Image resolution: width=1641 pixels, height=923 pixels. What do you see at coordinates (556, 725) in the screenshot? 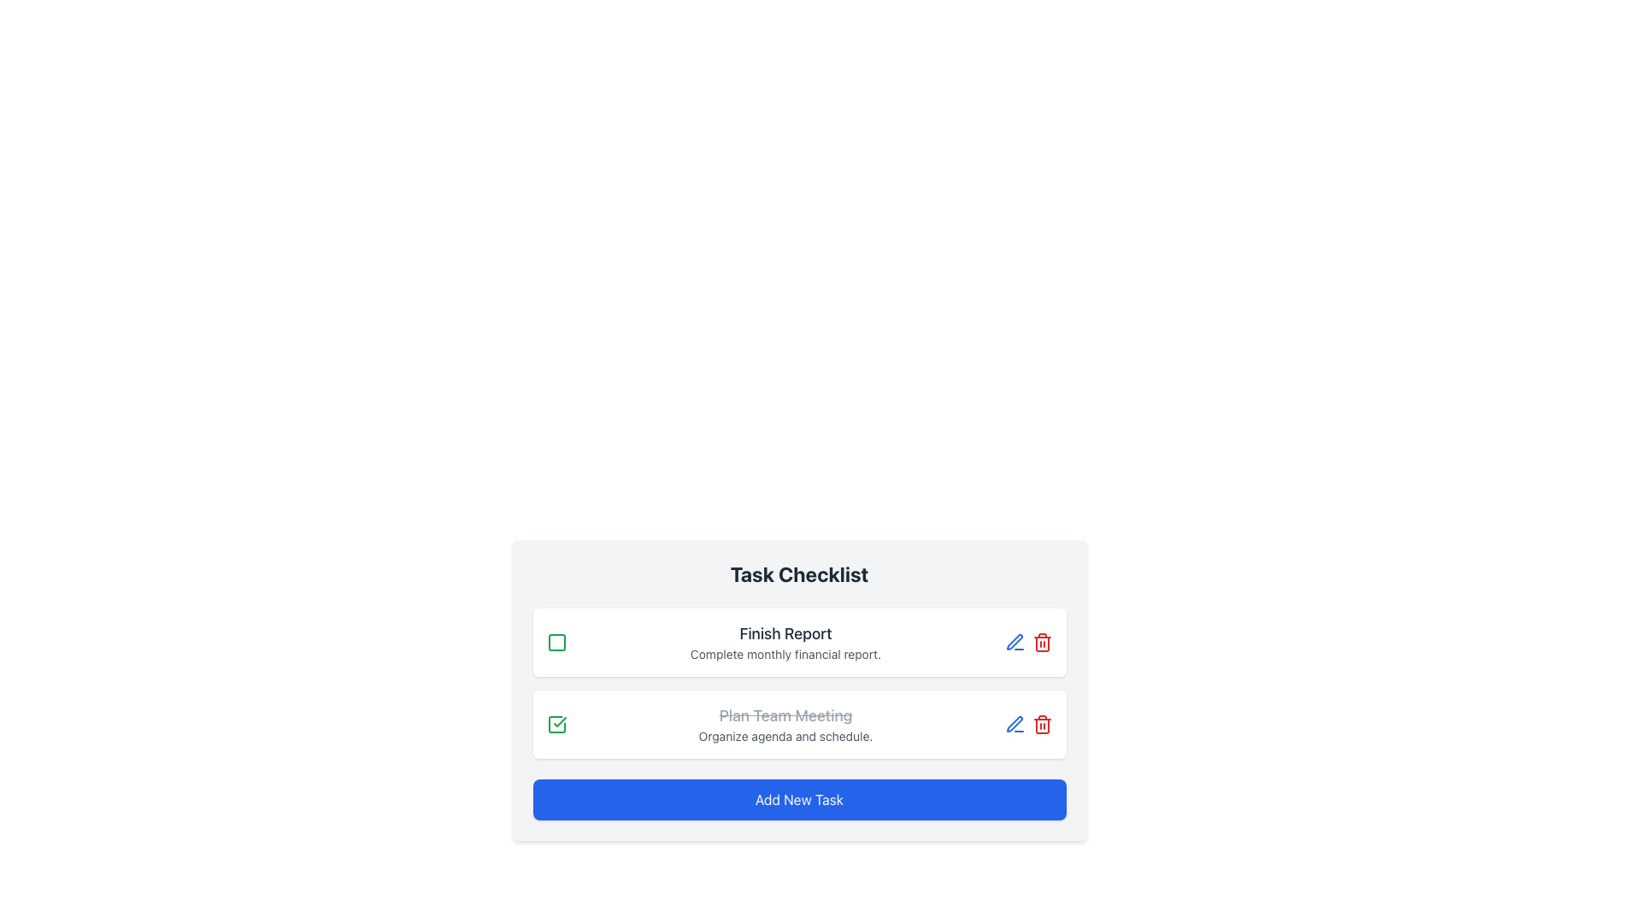
I see `the checkbox in the second task row of the checklist` at bounding box center [556, 725].